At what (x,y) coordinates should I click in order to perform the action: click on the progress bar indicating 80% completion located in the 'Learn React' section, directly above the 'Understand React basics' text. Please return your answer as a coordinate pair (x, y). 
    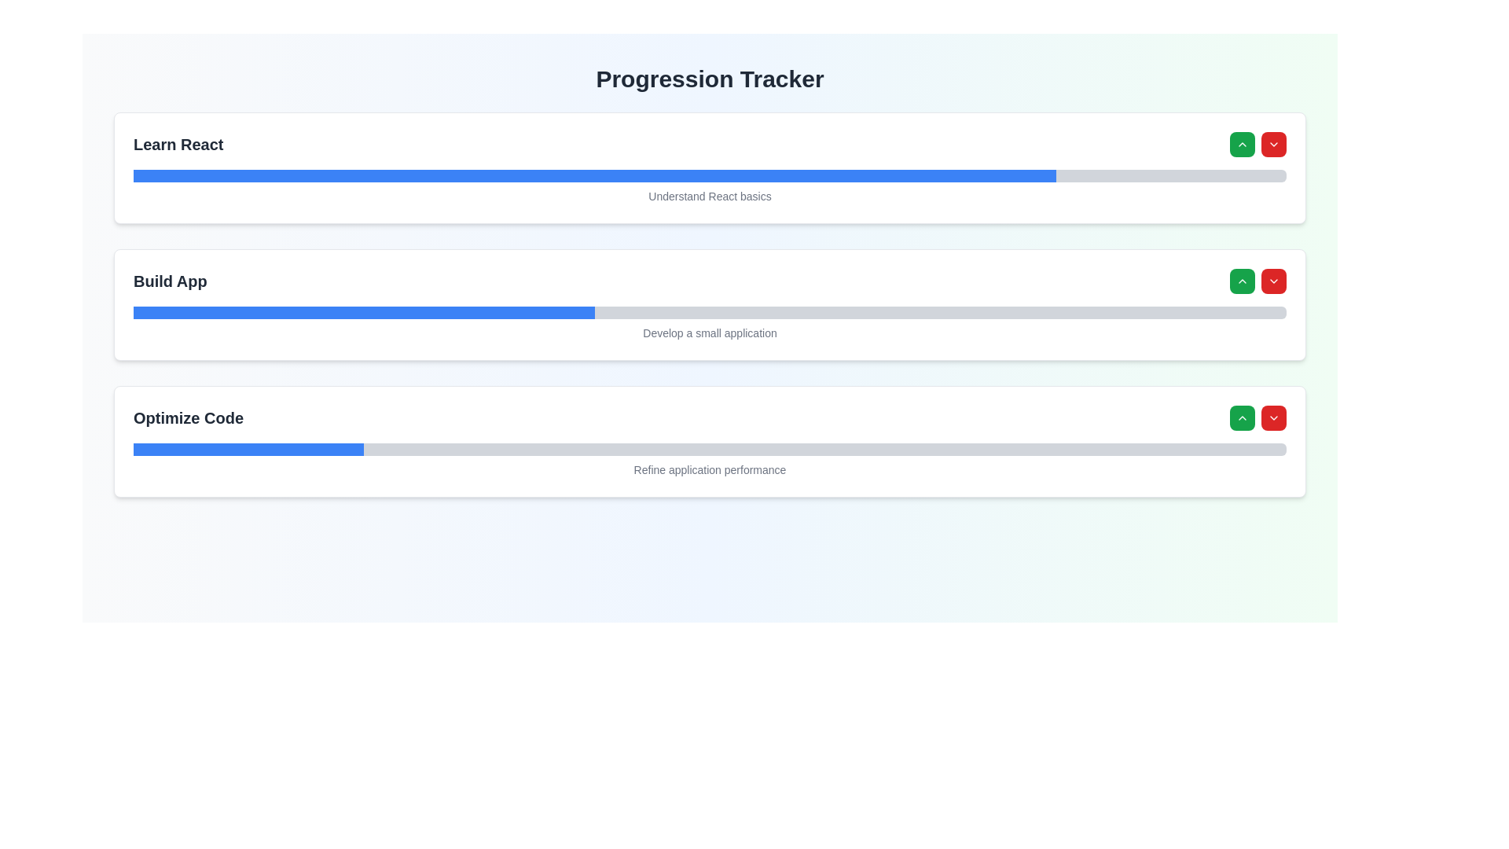
    Looking at the image, I should click on (709, 175).